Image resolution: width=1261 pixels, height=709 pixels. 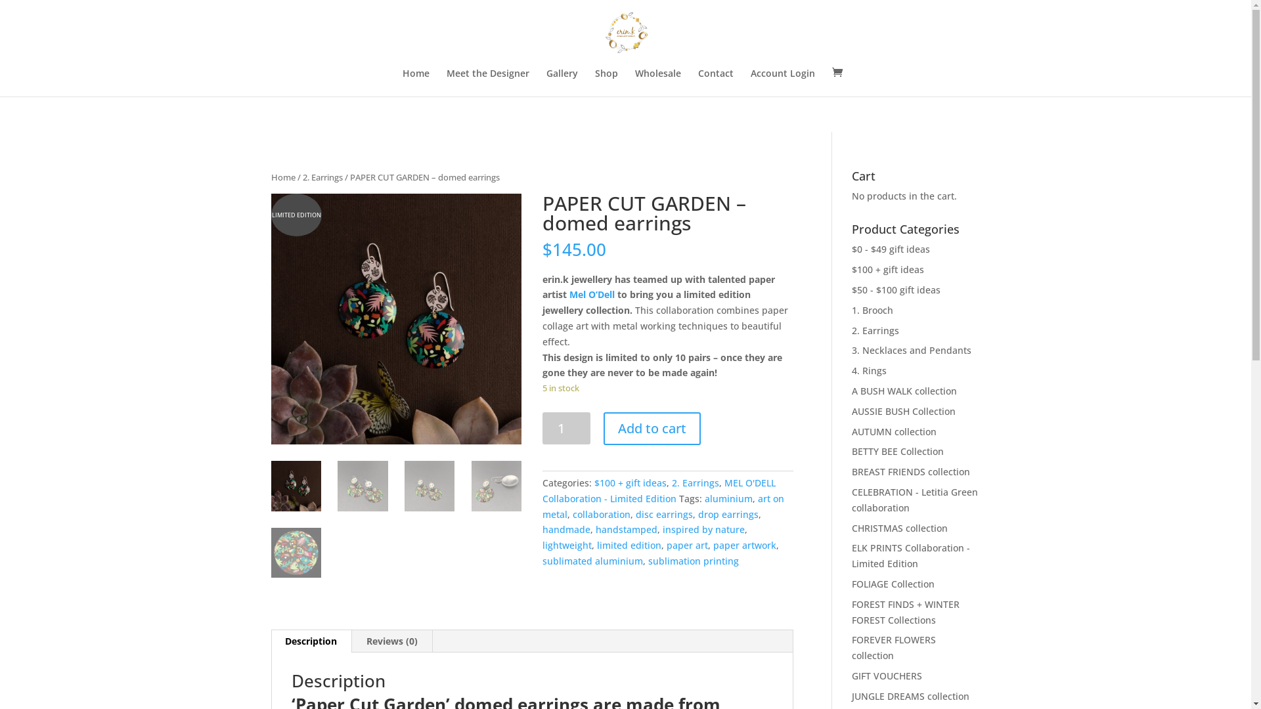 What do you see at coordinates (652, 428) in the screenshot?
I see `'Add to cart'` at bounding box center [652, 428].